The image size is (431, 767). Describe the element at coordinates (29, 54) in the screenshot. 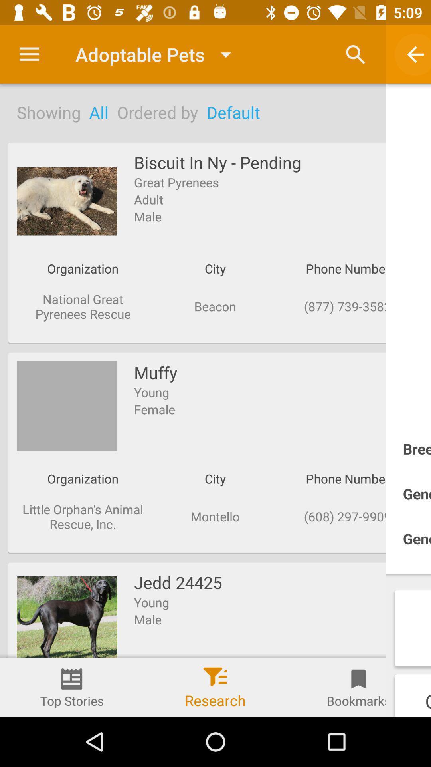

I see `open settings` at that location.